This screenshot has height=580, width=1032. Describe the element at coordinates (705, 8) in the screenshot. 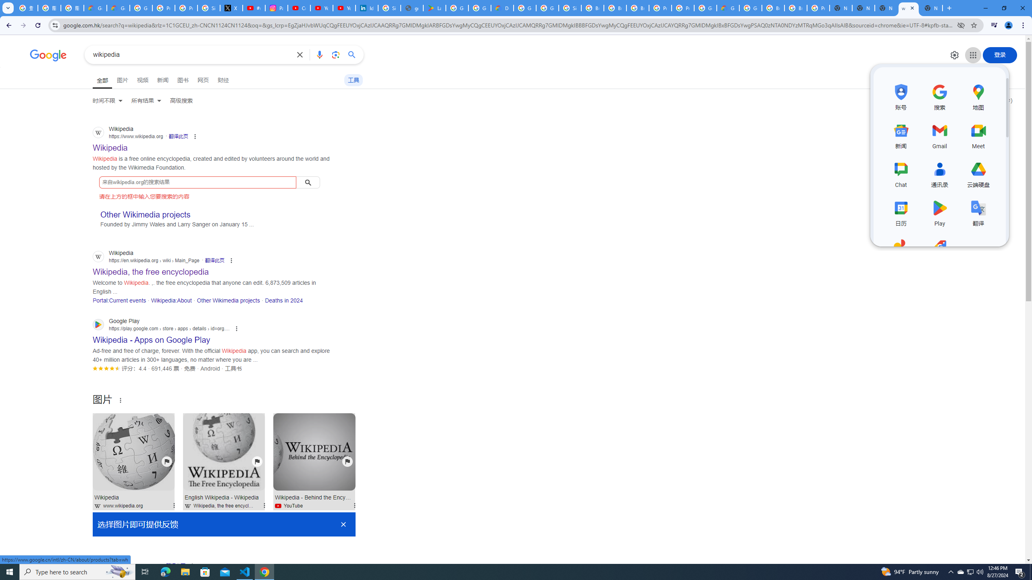

I see `'Google Cloud Platform'` at that location.